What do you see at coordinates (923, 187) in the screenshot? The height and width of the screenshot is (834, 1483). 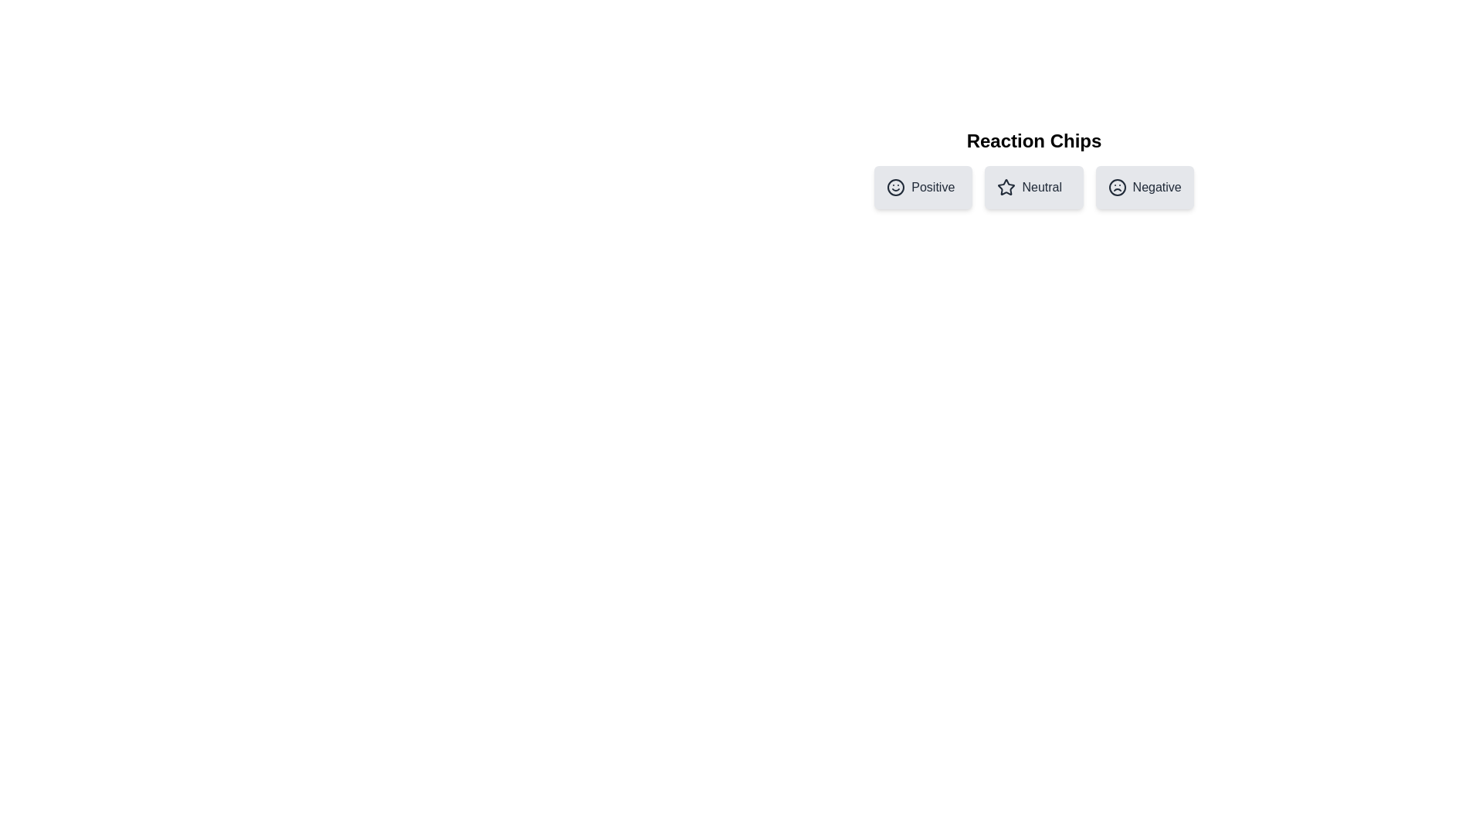 I see `the chip labeled Positive` at bounding box center [923, 187].